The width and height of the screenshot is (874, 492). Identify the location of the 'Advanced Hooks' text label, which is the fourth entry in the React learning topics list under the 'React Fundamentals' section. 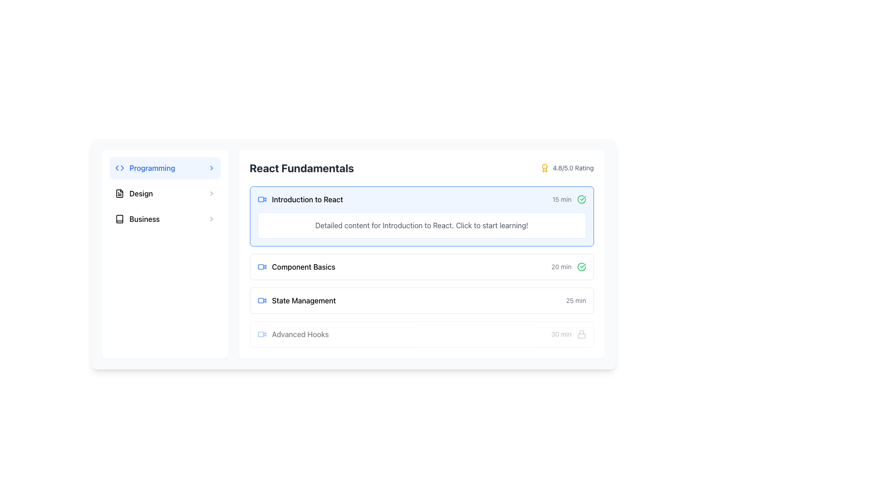
(300, 334).